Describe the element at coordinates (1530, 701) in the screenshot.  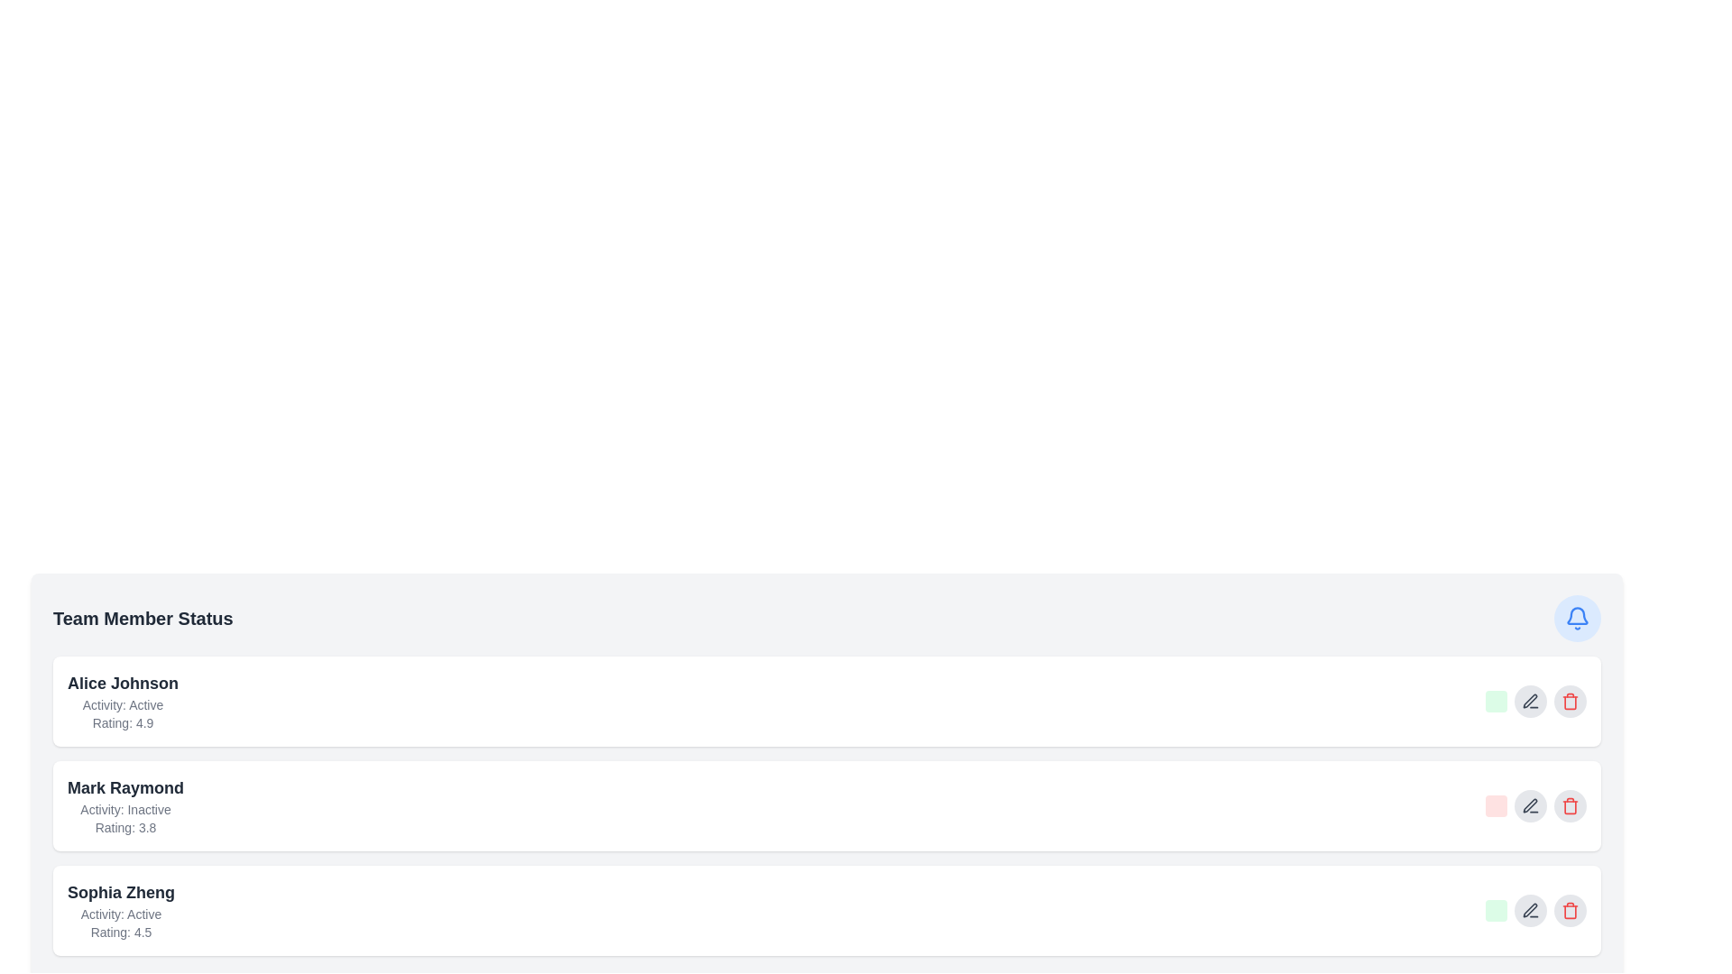
I see `the icon button located in the first row of the list, which is the middle element of a horizontal group aligned to the right side, to trigger the hover state` at that location.